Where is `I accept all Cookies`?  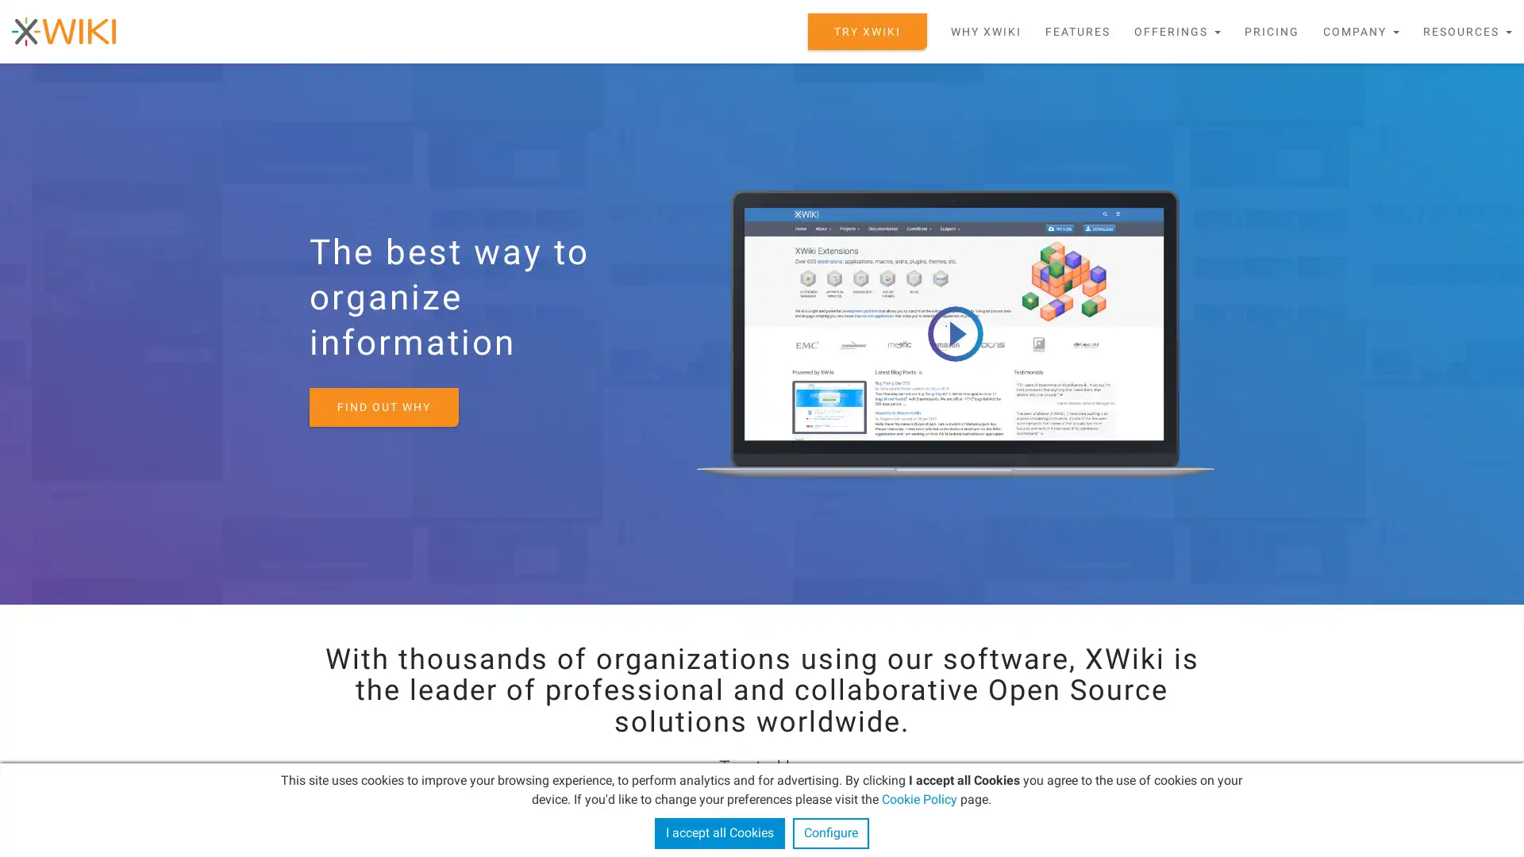
I accept all Cookies is located at coordinates (718, 832).